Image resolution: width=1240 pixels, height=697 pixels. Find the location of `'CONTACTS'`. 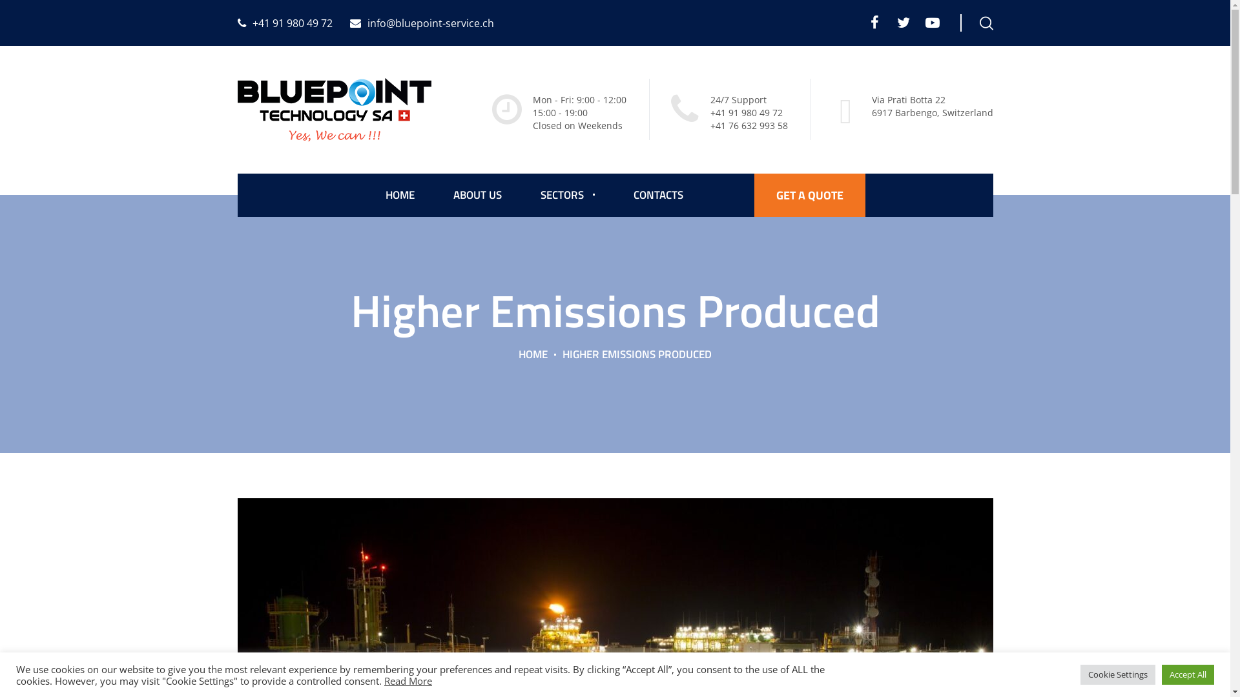

'CONTACTS' is located at coordinates (657, 195).